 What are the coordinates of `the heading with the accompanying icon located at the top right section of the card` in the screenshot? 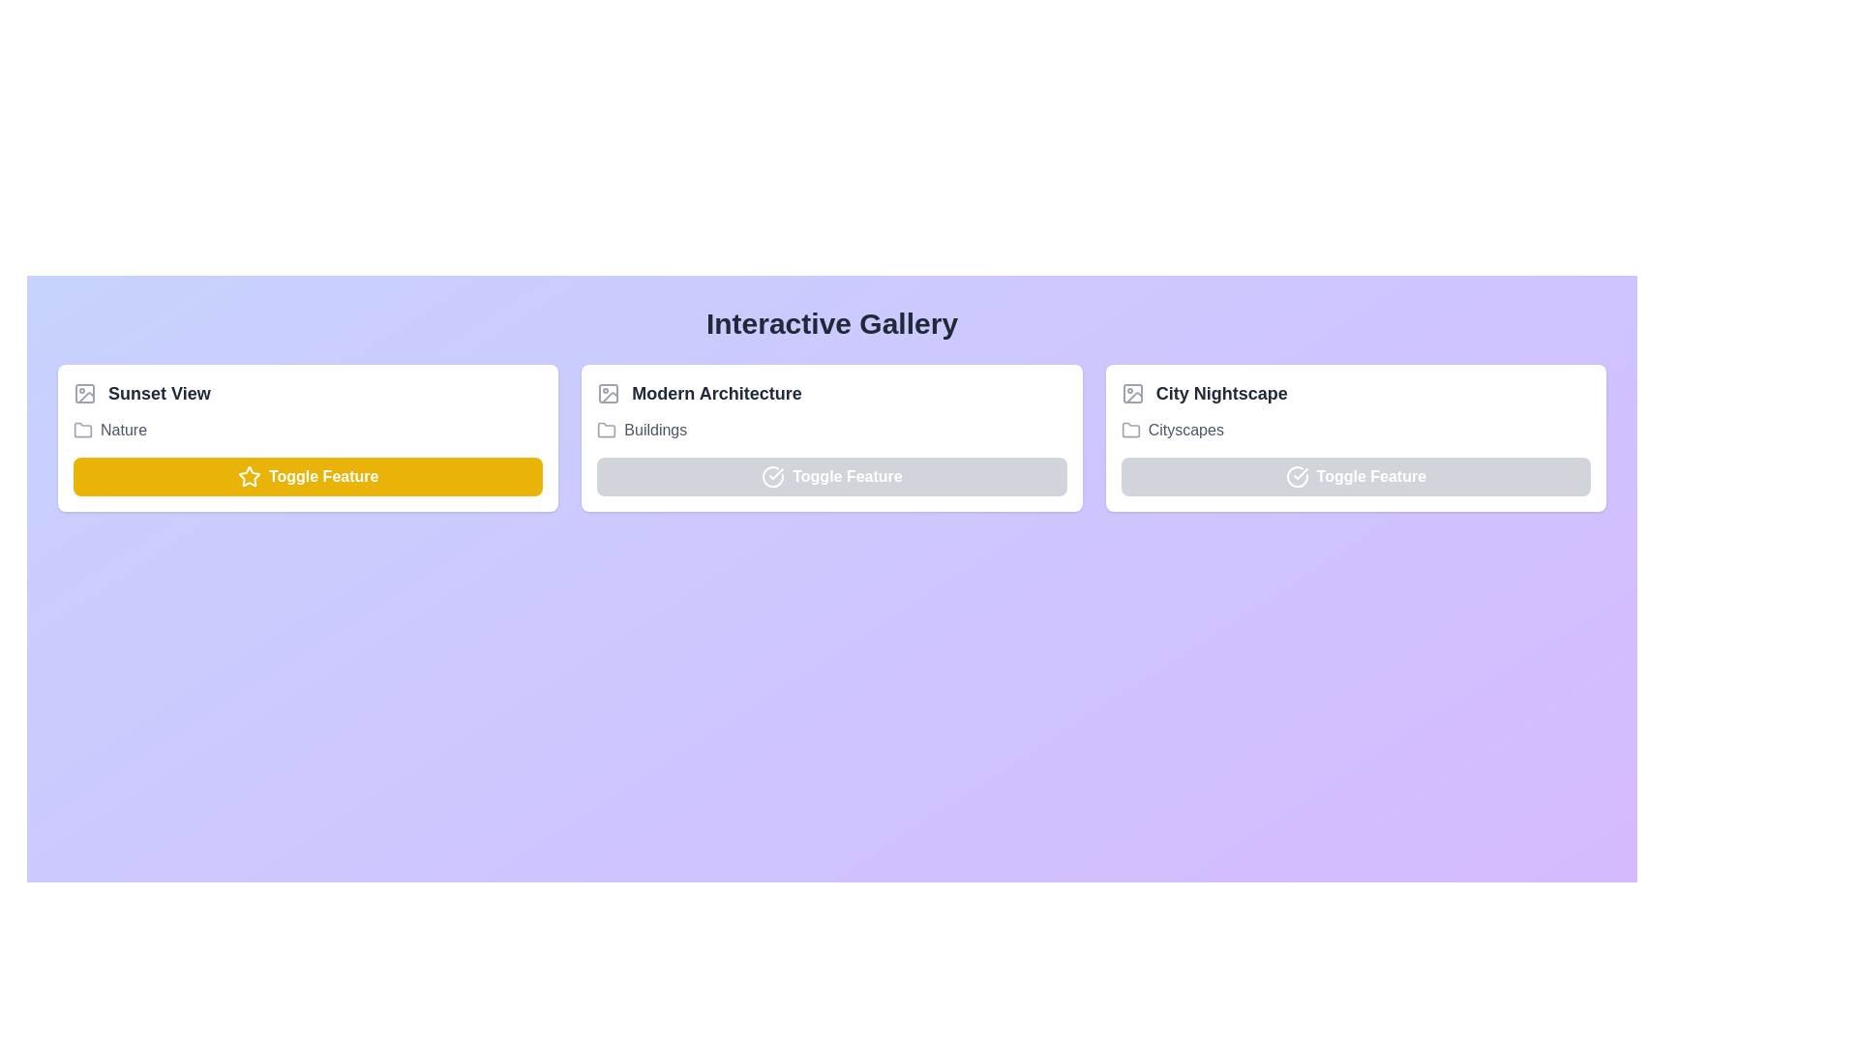 It's located at (1355, 393).